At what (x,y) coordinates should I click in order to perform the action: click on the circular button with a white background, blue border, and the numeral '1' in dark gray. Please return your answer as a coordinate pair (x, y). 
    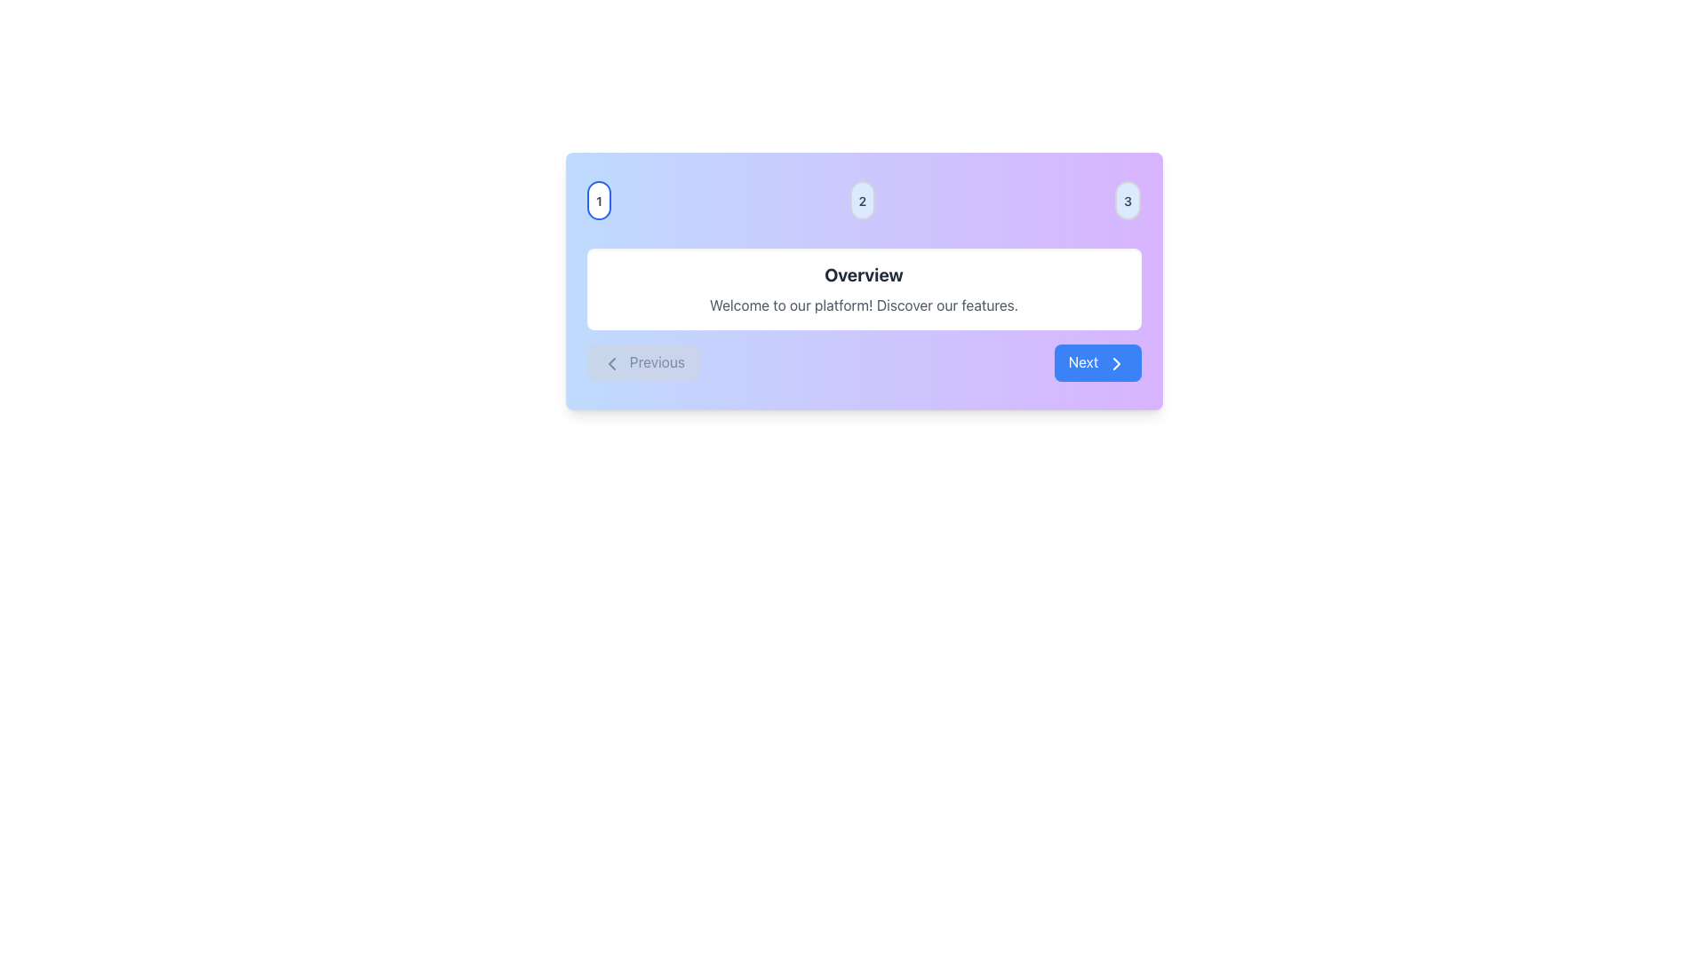
    Looking at the image, I should click on (598, 200).